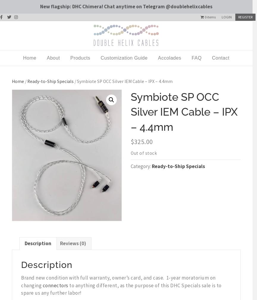  I want to click on 'About', so click(53, 58).